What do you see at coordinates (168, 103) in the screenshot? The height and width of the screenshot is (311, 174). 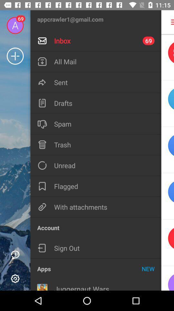 I see `the arrow_backward icon` at bounding box center [168, 103].